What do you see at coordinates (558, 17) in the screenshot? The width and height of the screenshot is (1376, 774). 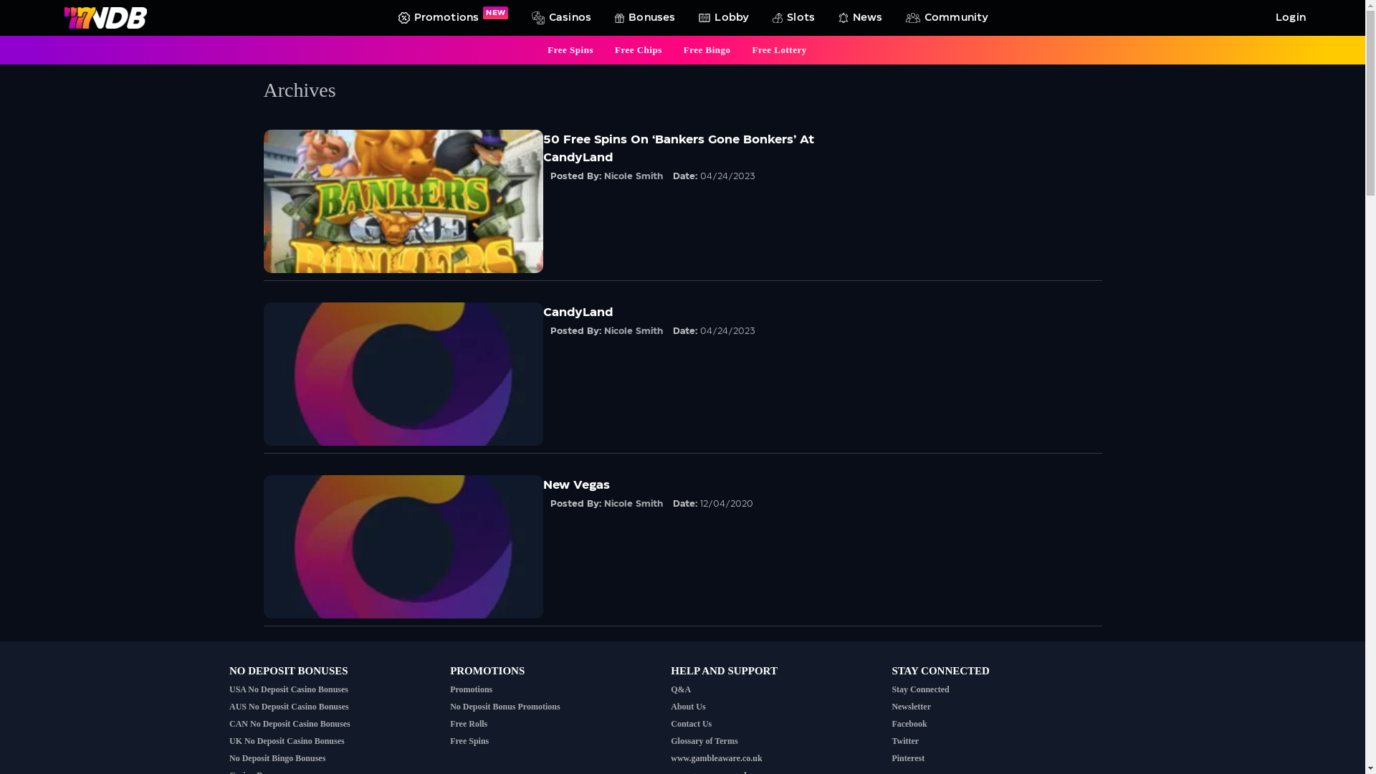 I see `'Casinos'` at bounding box center [558, 17].